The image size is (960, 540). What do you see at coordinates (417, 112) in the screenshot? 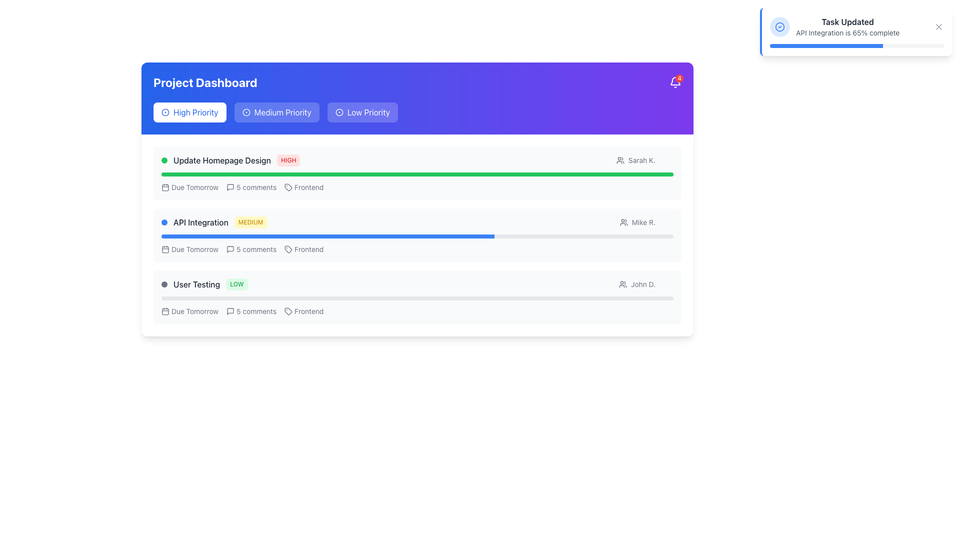
I see `the 'Low Priority' button in the button group located beneath the 'Project Dashboard' title` at bounding box center [417, 112].